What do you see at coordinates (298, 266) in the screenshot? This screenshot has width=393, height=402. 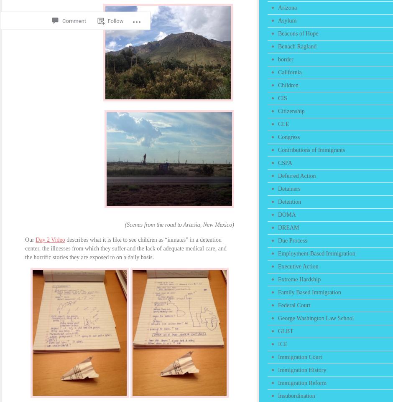 I see `'Executive Action'` at bounding box center [298, 266].